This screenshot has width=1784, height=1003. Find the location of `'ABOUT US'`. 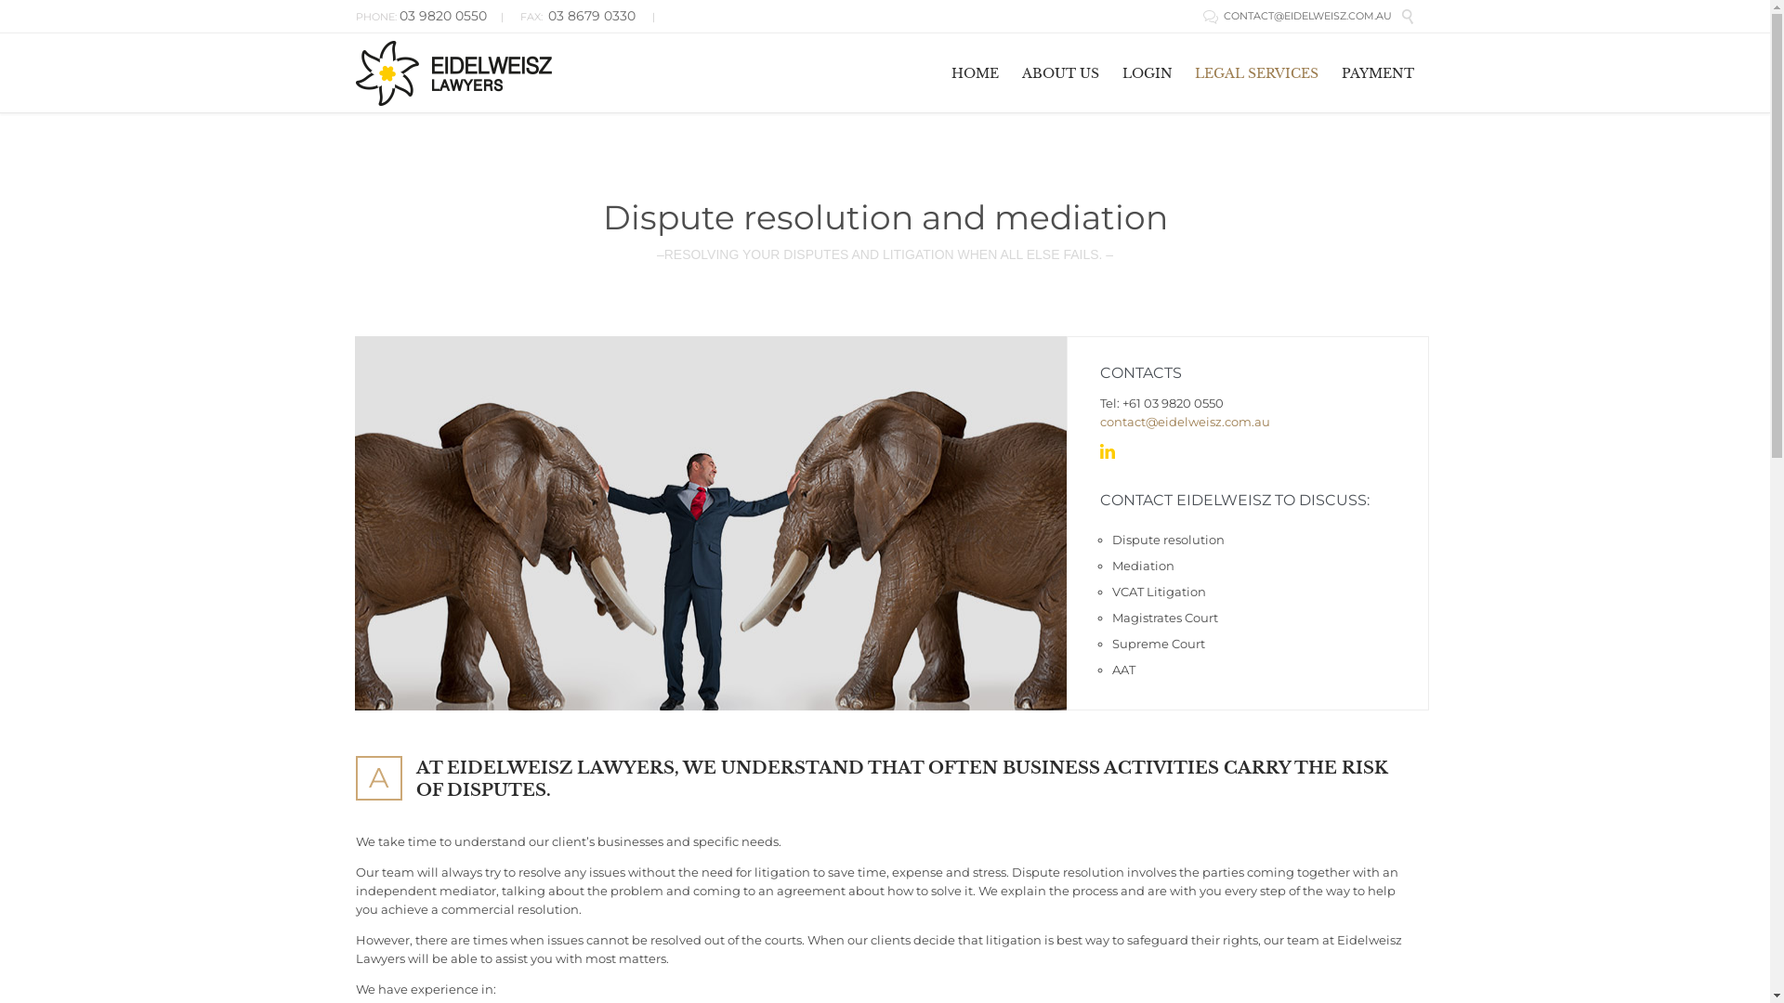

'ABOUT US' is located at coordinates (1060, 71).